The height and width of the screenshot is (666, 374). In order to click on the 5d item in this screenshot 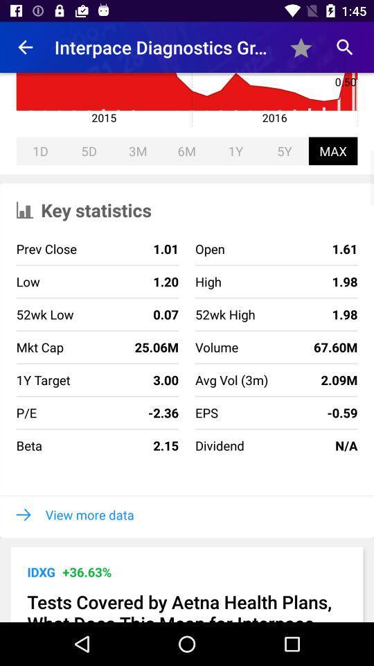, I will do `click(89, 151)`.